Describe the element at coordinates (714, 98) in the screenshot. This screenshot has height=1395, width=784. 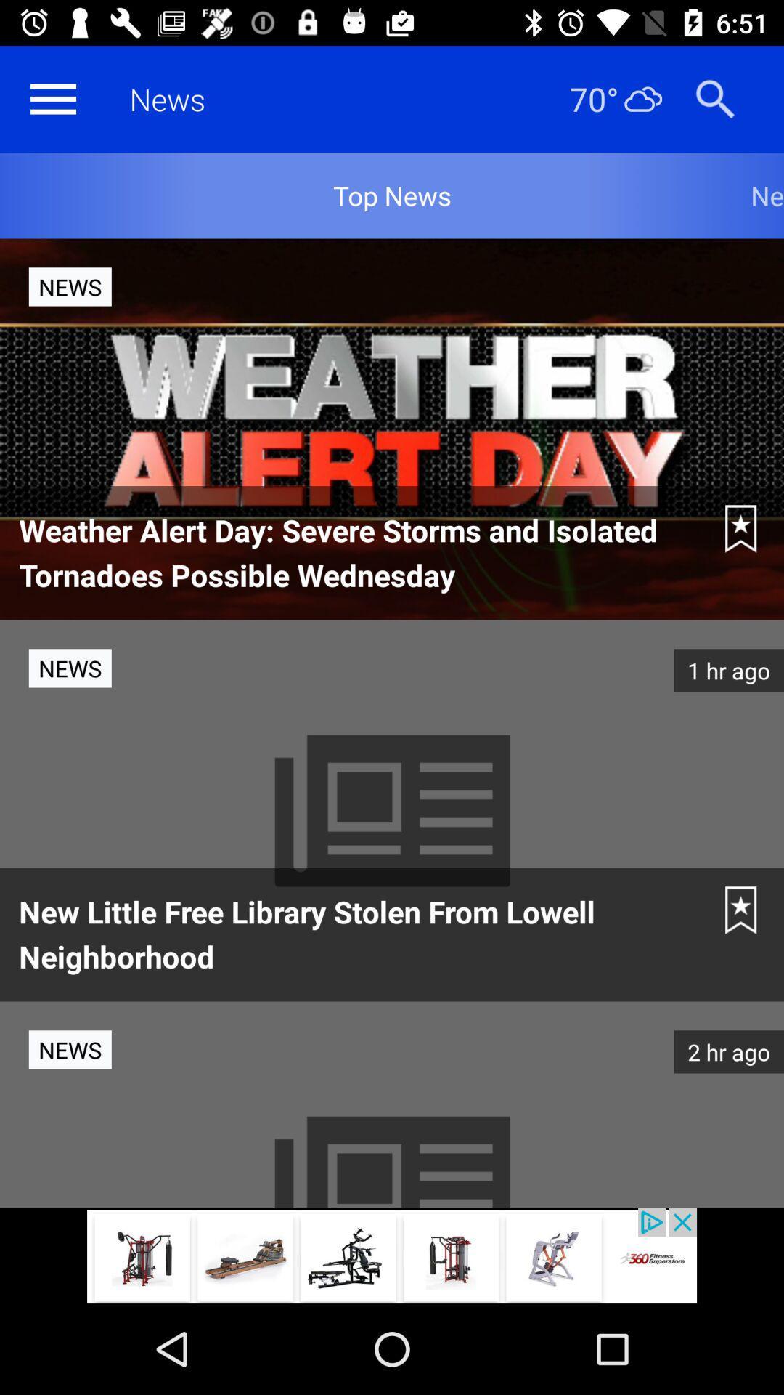
I see `the search icon` at that location.